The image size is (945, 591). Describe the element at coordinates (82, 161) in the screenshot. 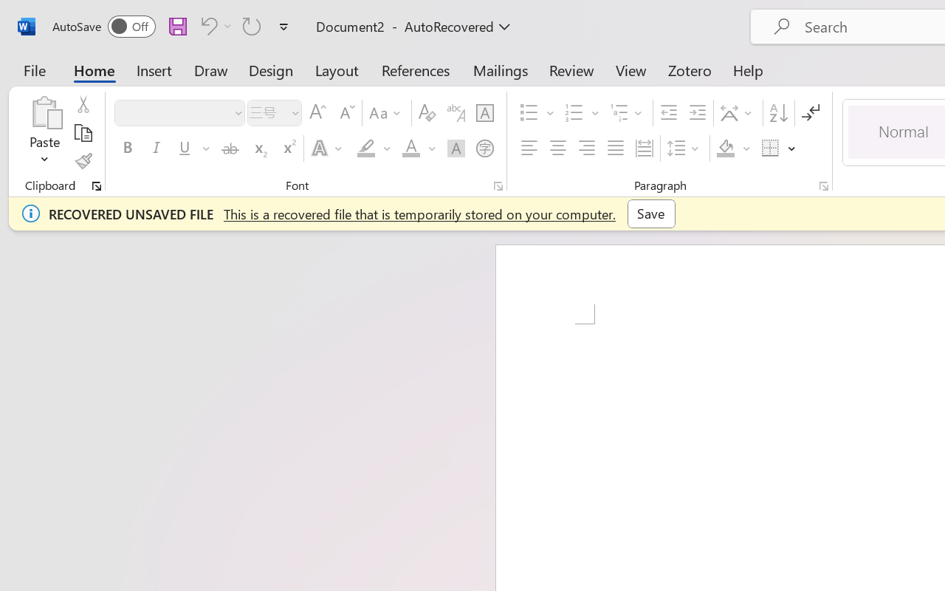

I see `'Format Painter'` at that location.